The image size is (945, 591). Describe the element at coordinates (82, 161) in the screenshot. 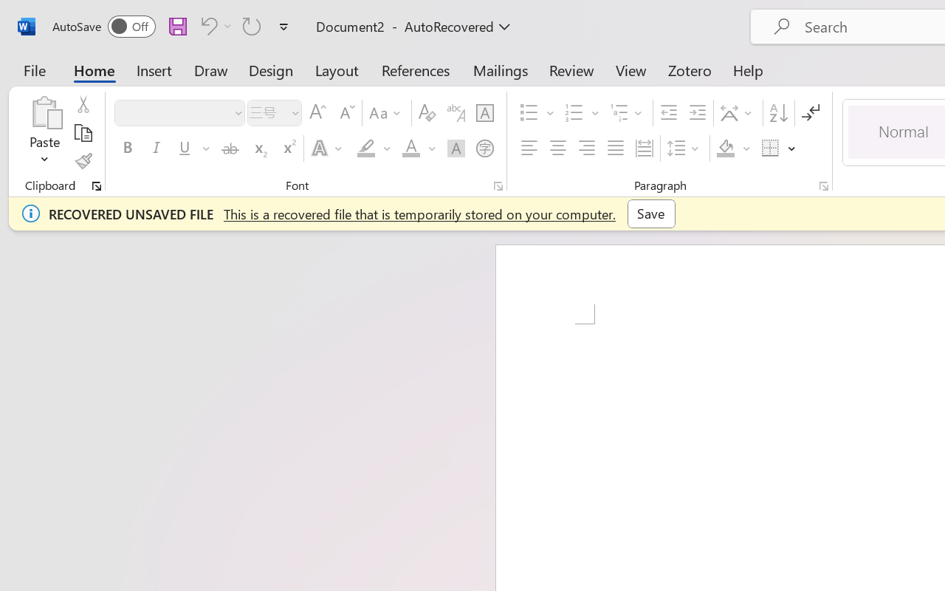

I see `'Format Painter'` at that location.